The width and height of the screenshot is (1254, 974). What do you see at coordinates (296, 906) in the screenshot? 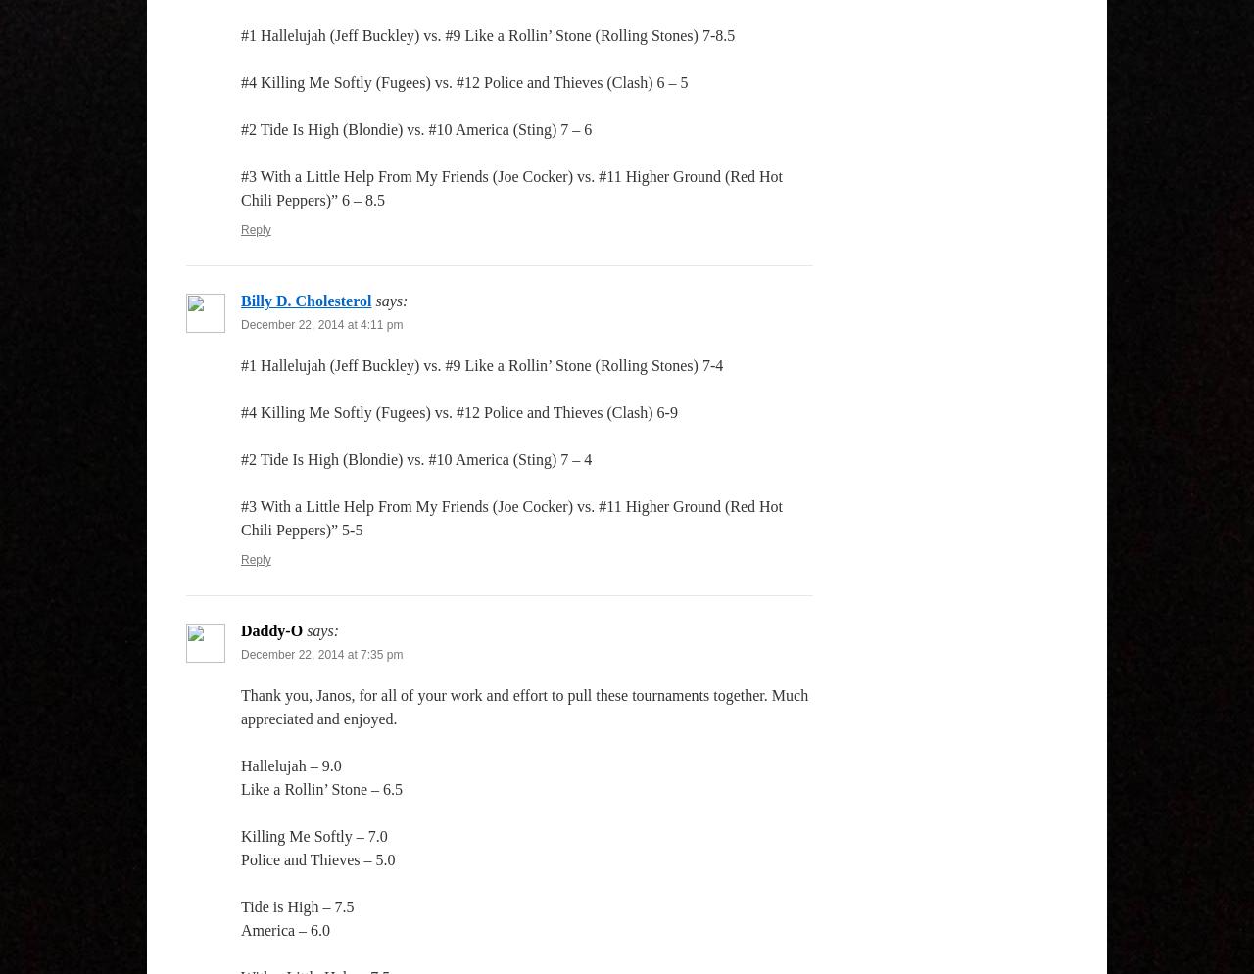
I see `'Tide is High – 7.5'` at bounding box center [296, 906].